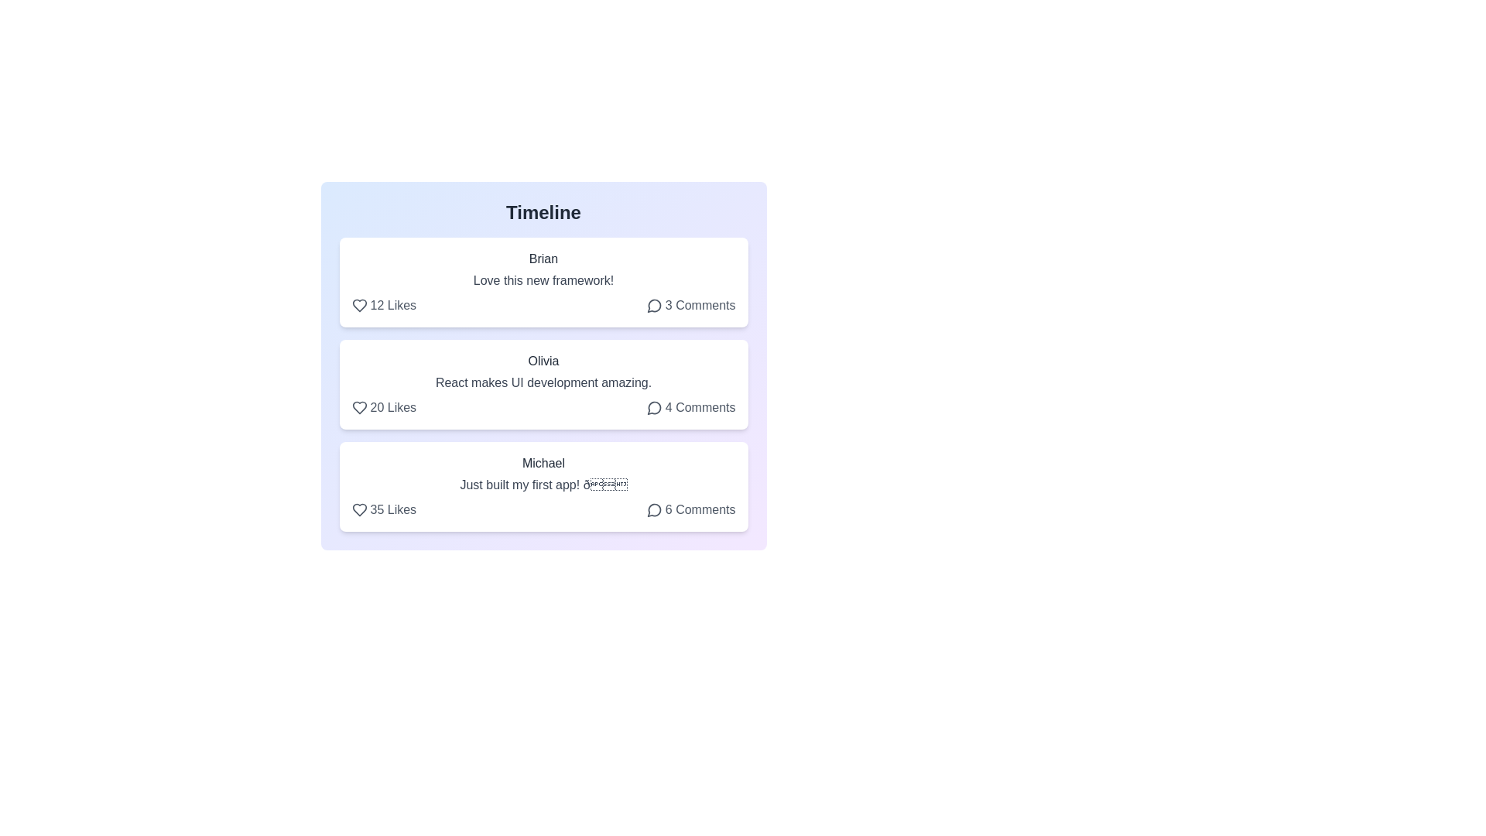 The height and width of the screenshot is (836, 1486). Describe the element at coordinates (384, 305) in the screenshot. I see `Like button for the post by Brian` at that location.